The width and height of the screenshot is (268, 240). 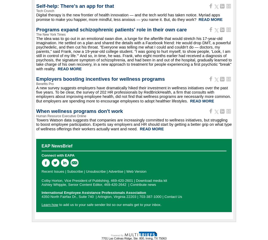 I want to click on 'The idea was to go out in an emotional swan dive, a lunge for the afterlife that would stretch his 17-year-old imagination. He settled on a plan and shared the details with a Facebook friend: He would drop DMT, a powerful psychedelic, and then cut his throat.

"Everyone was telling me what I could and couldn't do — doctors, my parents," said Frank, now a 19-year-old college student. "I was going to hurt myself, to show people, 'Look, I am still in control of my life.'" And so, in time, he was. Frank, who eight months earlier had received a diagnosis of psychosis, the signature symptom of schizophrenia, and had been in and out of the hospital, gradually learned to take charge of his own recovery, in a new approach to treatment for people experiencing a first psychotic "break" with reality.', so click(x=134, y=54).